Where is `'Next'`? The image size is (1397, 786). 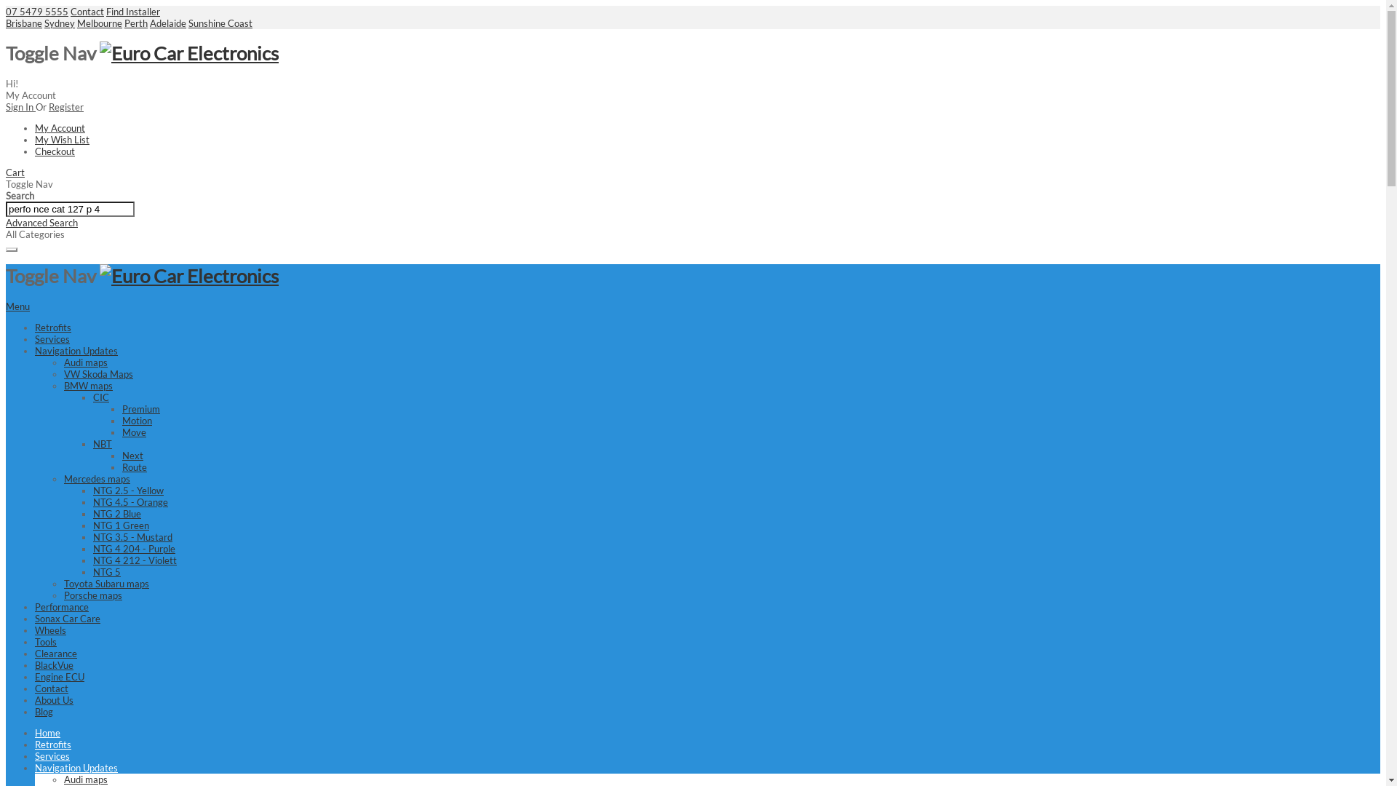 'Next' is located at coordinates (132, 454).